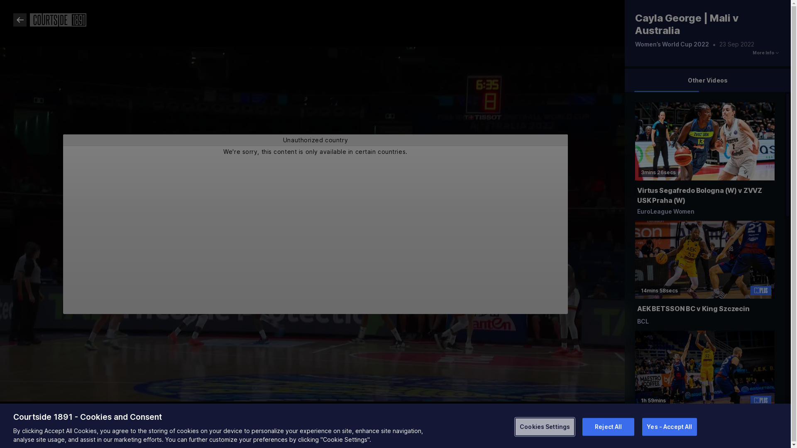 The image size is (797, 448). What do you see at coordinates (704, 385) in the screenshot?
I see `'1h 59mins` at bounding box center [704, 385].